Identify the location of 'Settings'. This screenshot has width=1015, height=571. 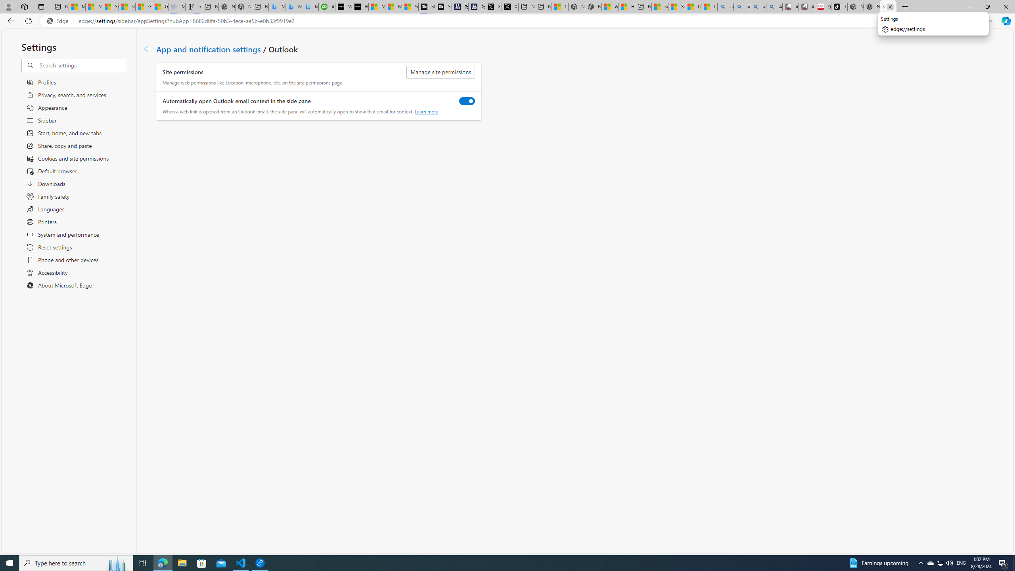
(888, 6).